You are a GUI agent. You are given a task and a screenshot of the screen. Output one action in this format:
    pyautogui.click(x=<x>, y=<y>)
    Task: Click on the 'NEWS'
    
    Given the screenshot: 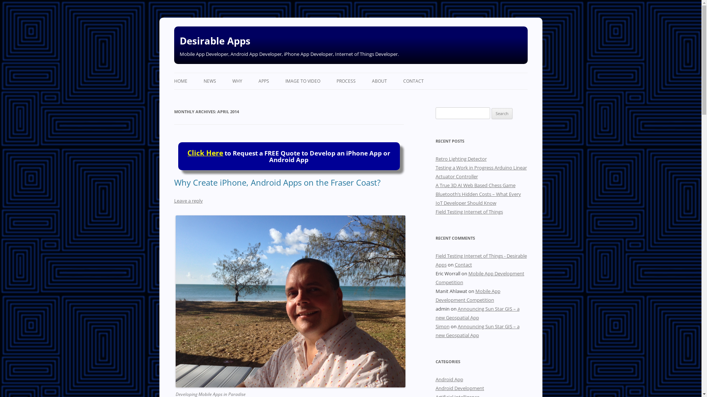 What is the action you would take?
    pyautogui.click(x=209, y=81)
    